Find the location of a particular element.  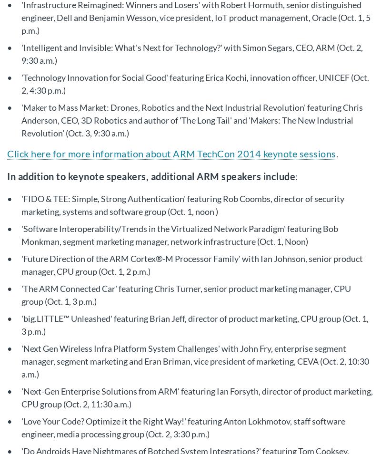

':' is located at coordinates (296, 176).